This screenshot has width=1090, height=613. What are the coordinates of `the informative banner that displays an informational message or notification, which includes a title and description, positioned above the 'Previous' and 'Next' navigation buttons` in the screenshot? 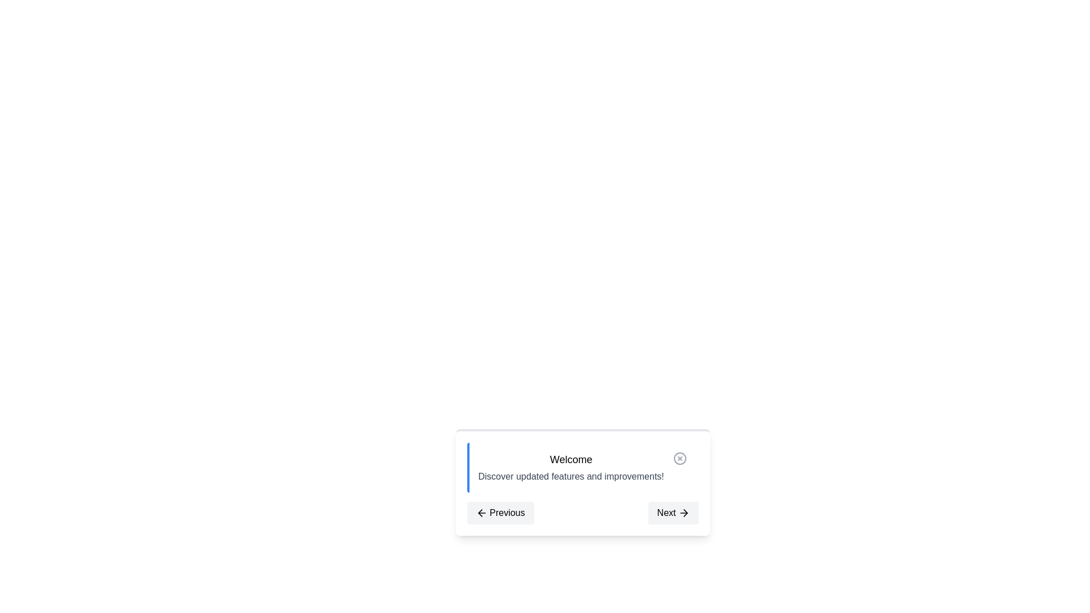 It's located at (582, 468).